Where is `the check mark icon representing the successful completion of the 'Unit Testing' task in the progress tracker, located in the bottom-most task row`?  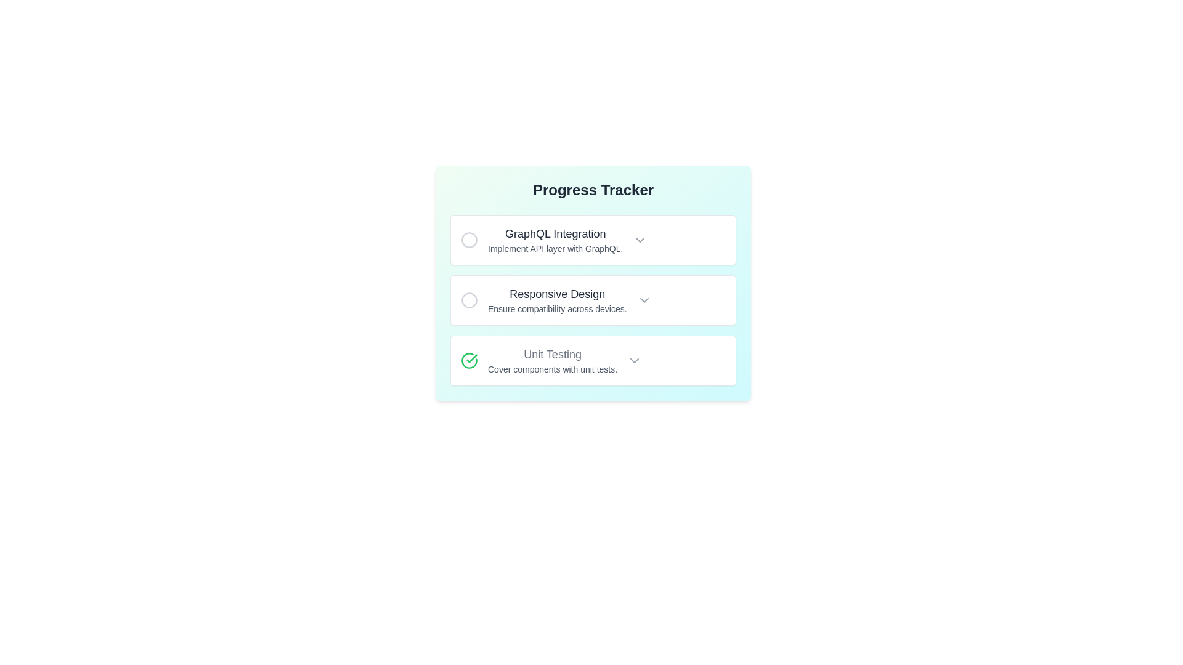
the check mark icon representing the successful completion of the 'Unit Testing' task in the progress tracker, located in the bottom-most task row is located at coordinates (471, 358).